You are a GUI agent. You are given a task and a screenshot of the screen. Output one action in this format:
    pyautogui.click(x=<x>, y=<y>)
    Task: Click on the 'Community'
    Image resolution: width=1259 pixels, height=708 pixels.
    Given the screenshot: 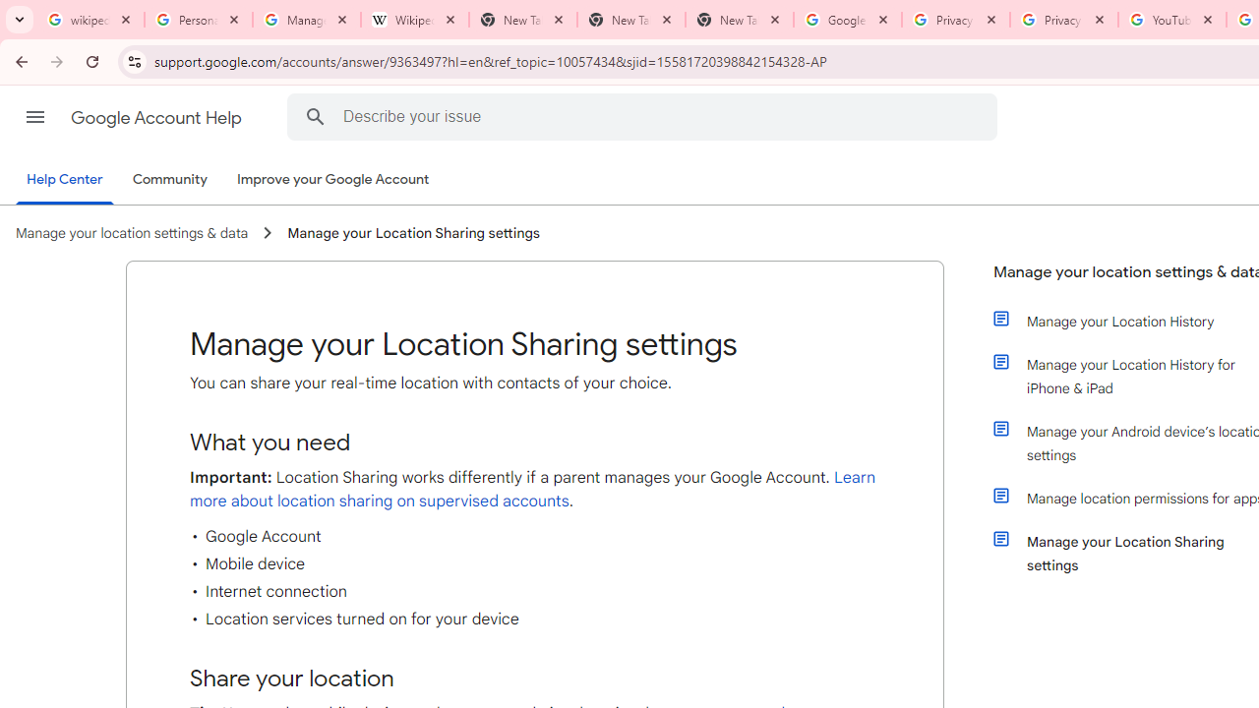 What is the action you would take?
    pyautogui.click(x=169, y=180)
    